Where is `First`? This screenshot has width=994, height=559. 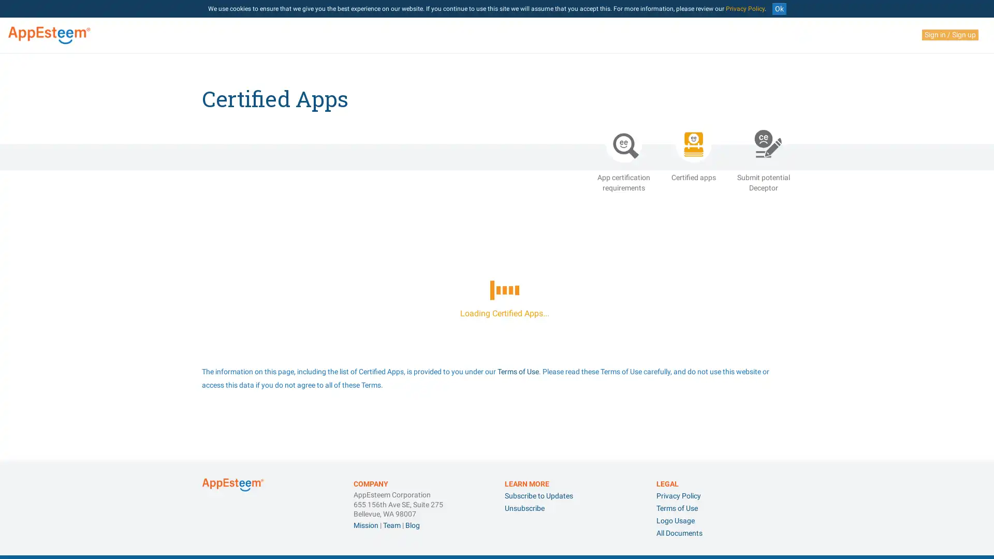 First is located at coordinates (717, 382).